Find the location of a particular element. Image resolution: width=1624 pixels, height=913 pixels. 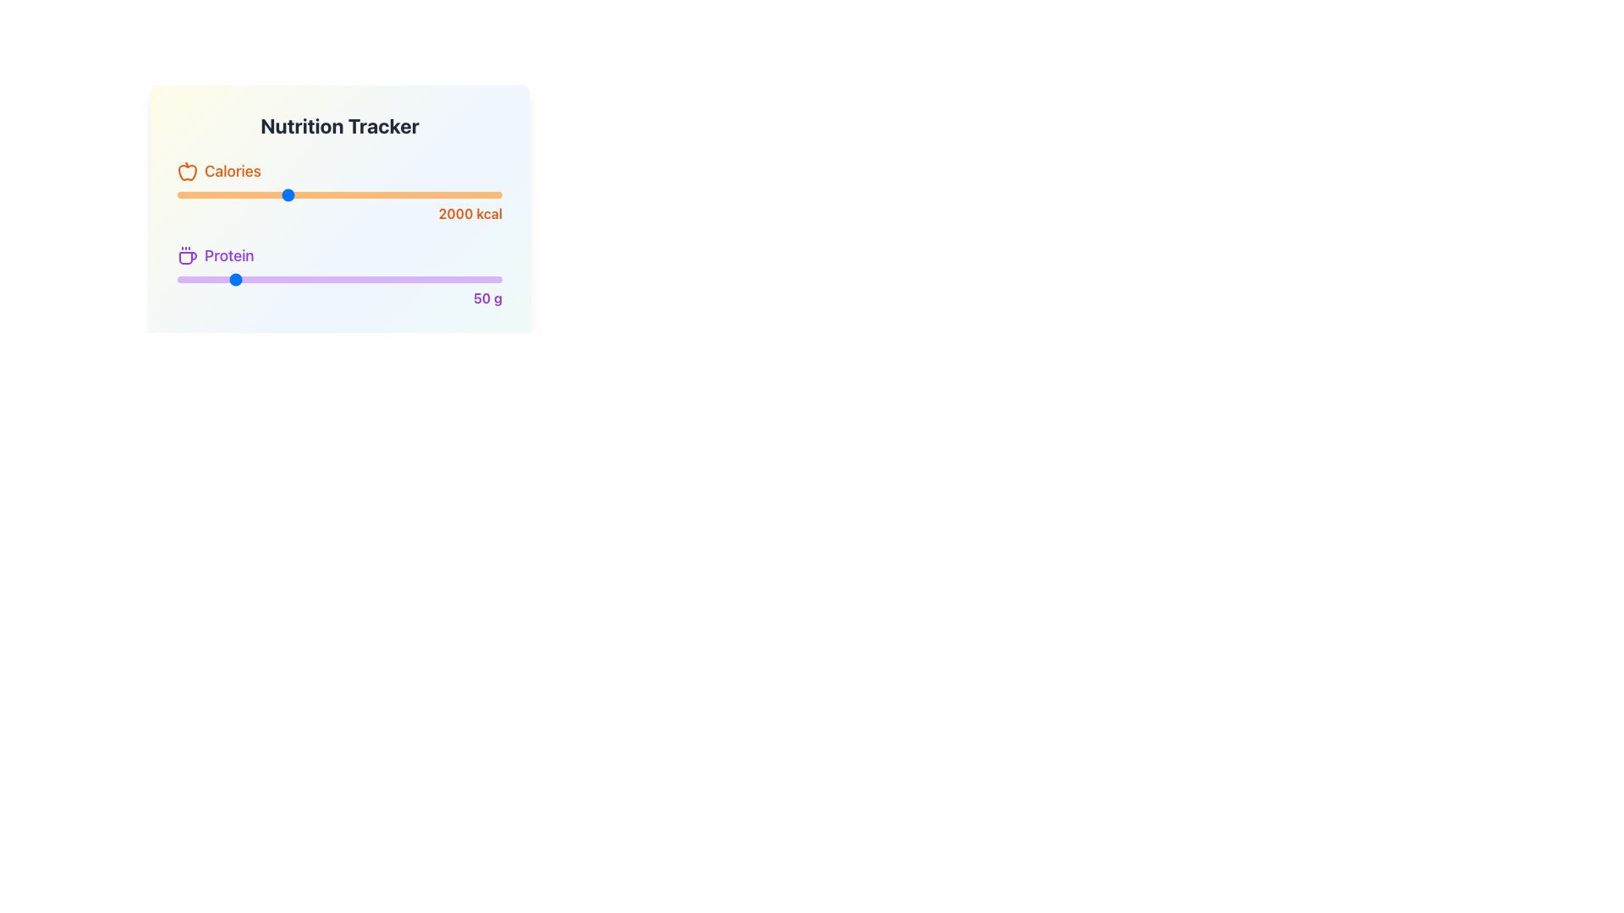

calorie goal is located at coordinates (488, 194).